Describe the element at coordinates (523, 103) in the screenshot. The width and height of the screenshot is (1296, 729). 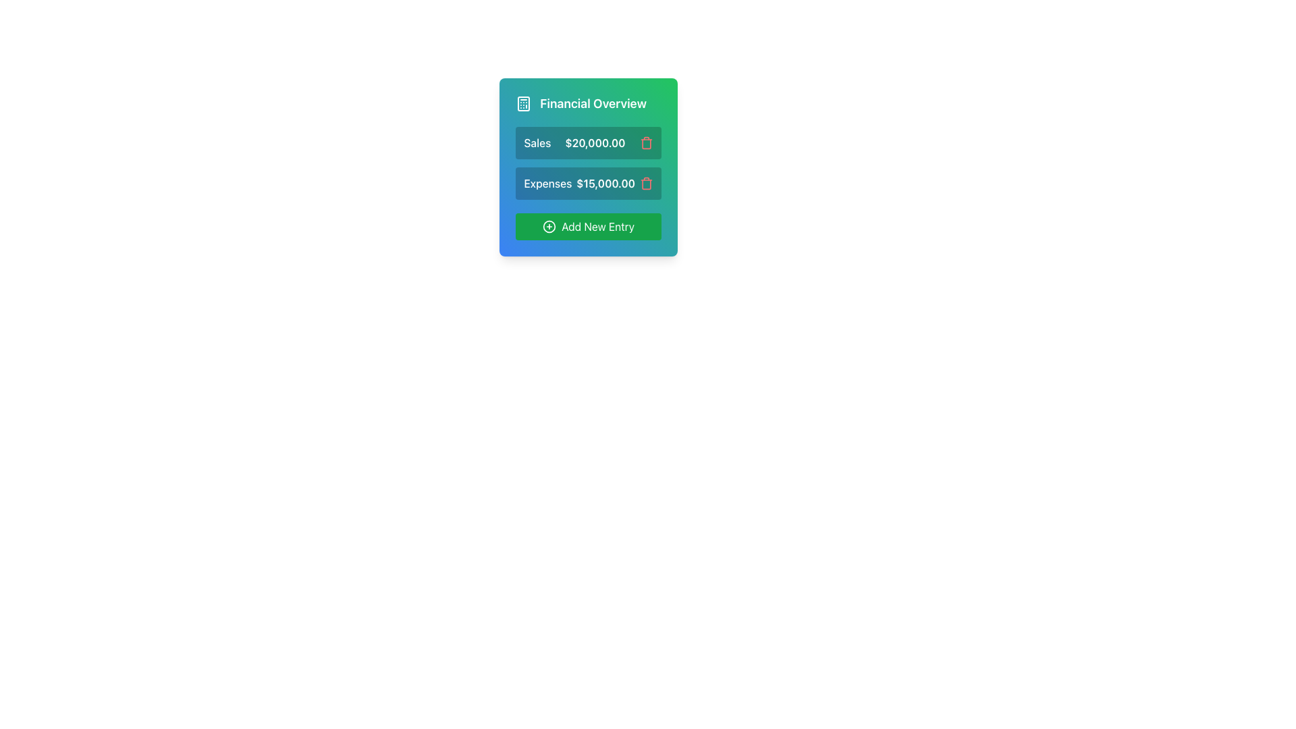
I see `the SVG calculator icon located in the 'Financial Overview' header section, positioned to the left of the text label 'Financial Overview'` at that location.